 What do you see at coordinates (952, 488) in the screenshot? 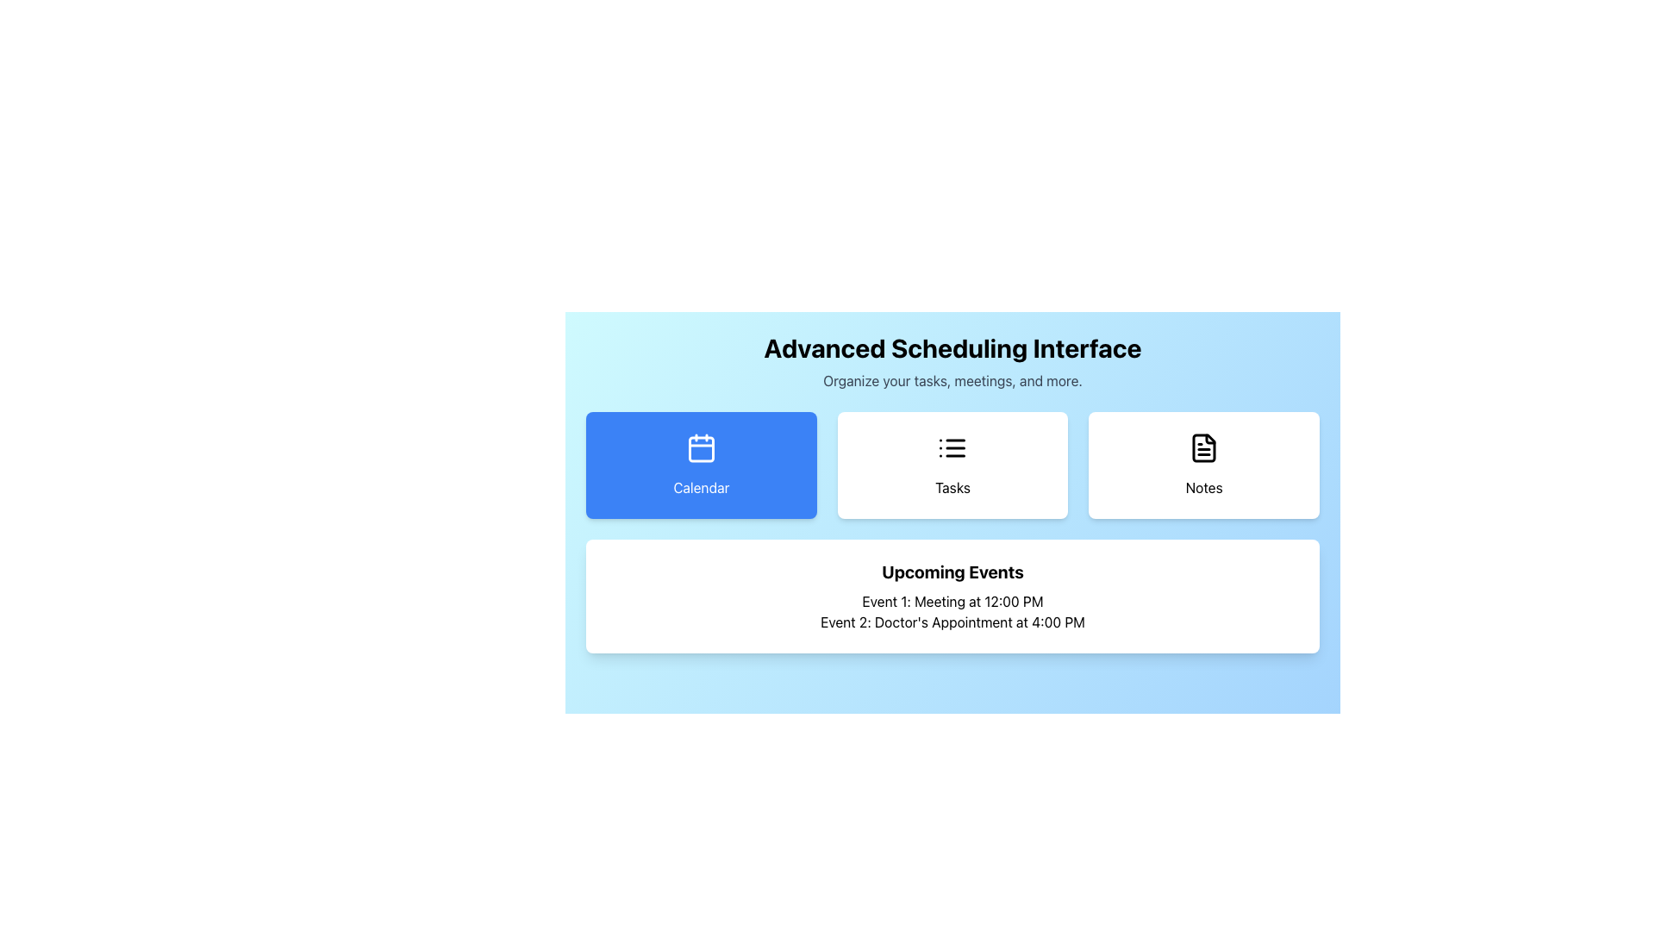
I see `the 'Tasks' text label, which is styled in bold and located below a list icon within a white, shadowed rectangular card` at bounding box center [952, 488].